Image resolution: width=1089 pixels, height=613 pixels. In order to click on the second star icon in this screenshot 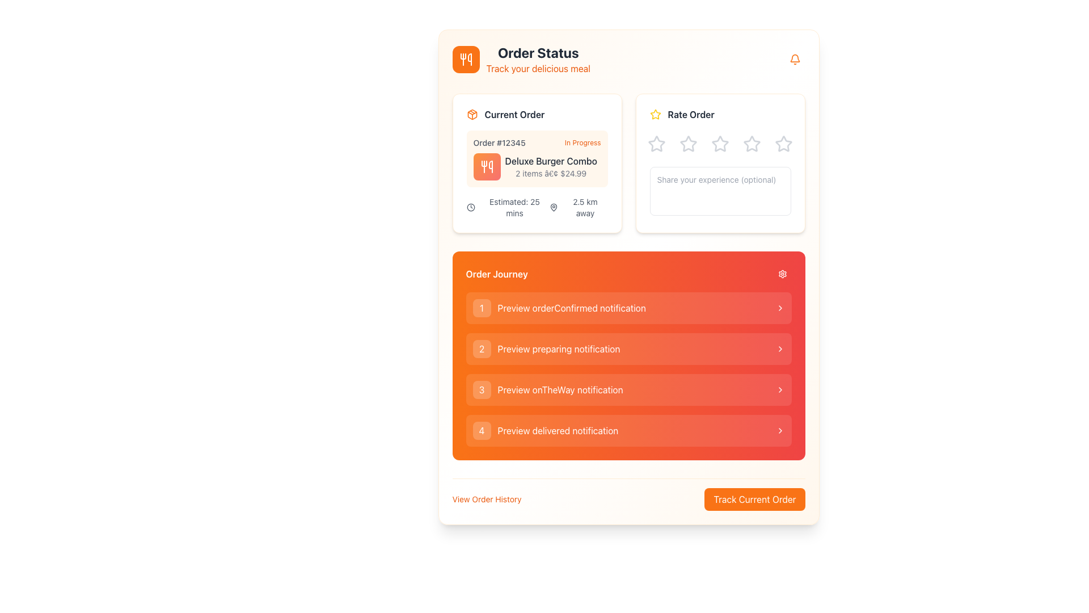, I will do `click(688, 144)`.